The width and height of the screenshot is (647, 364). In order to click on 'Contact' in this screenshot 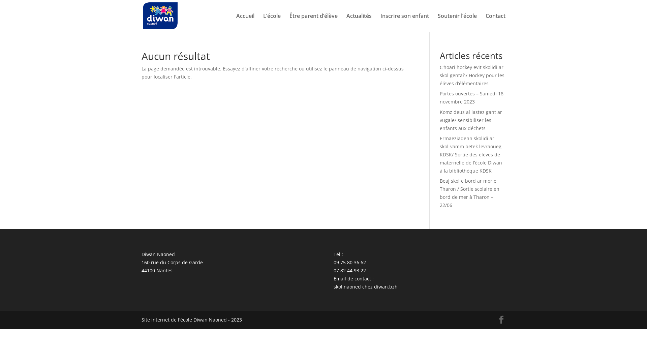, I will do `click(495, 22)`.